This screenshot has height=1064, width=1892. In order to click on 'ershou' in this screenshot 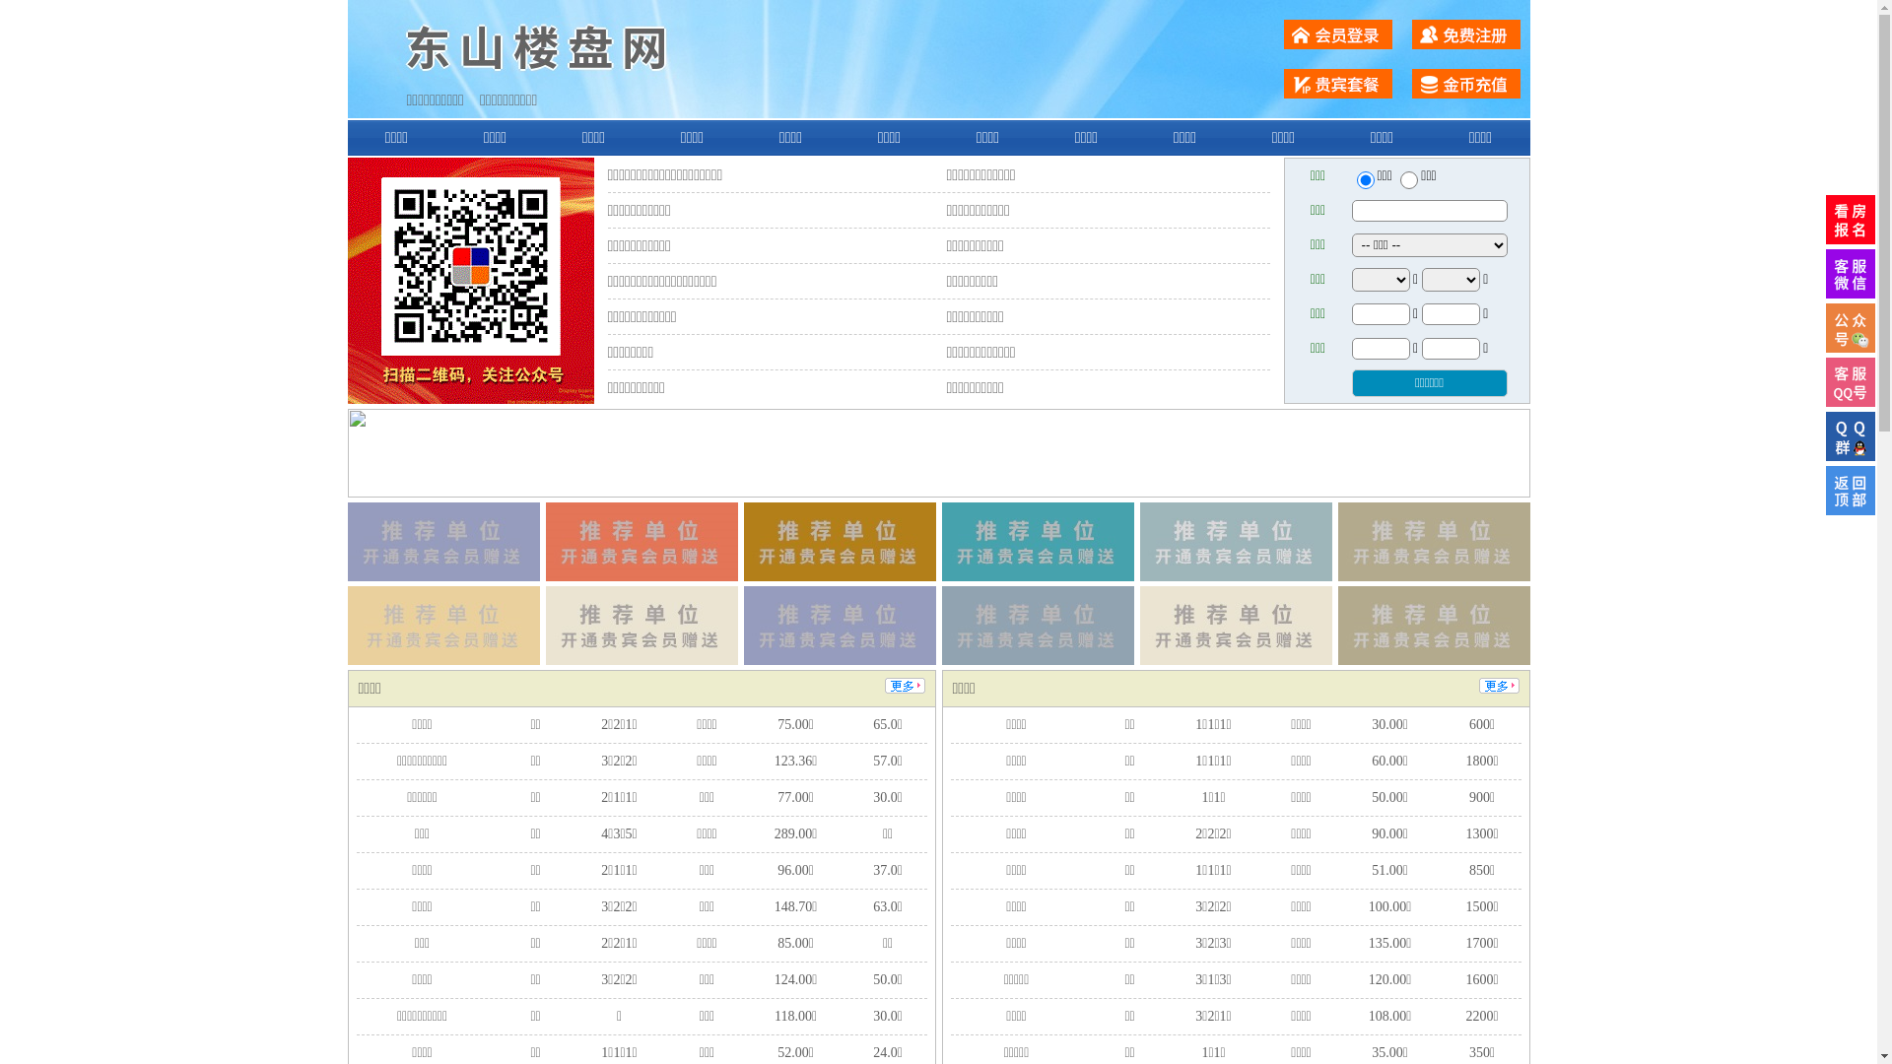, I will do `click(1364, 179)`.